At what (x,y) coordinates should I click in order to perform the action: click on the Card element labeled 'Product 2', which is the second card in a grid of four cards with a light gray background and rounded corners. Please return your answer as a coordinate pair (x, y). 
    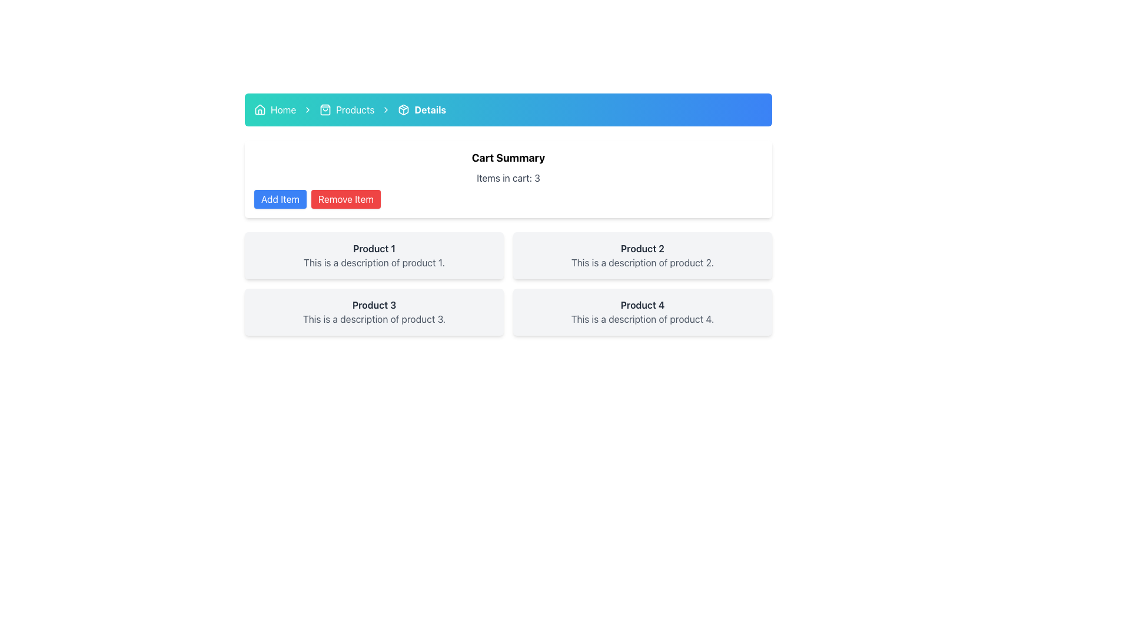
    Looking at the image, I should click on (642, 255).